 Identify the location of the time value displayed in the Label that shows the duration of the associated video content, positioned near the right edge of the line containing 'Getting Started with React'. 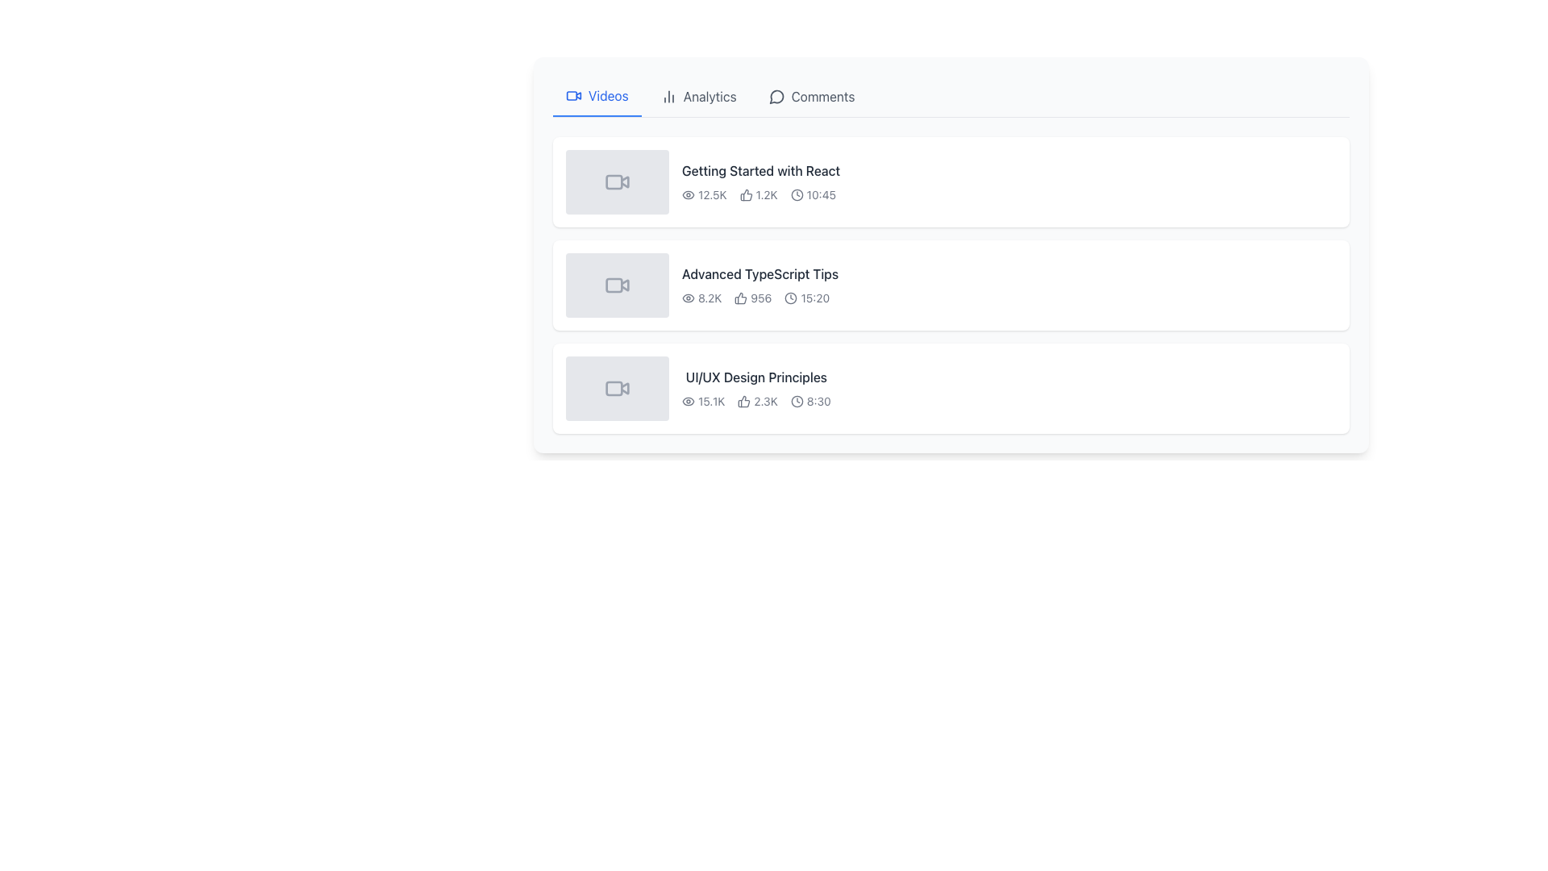
(813, 194).